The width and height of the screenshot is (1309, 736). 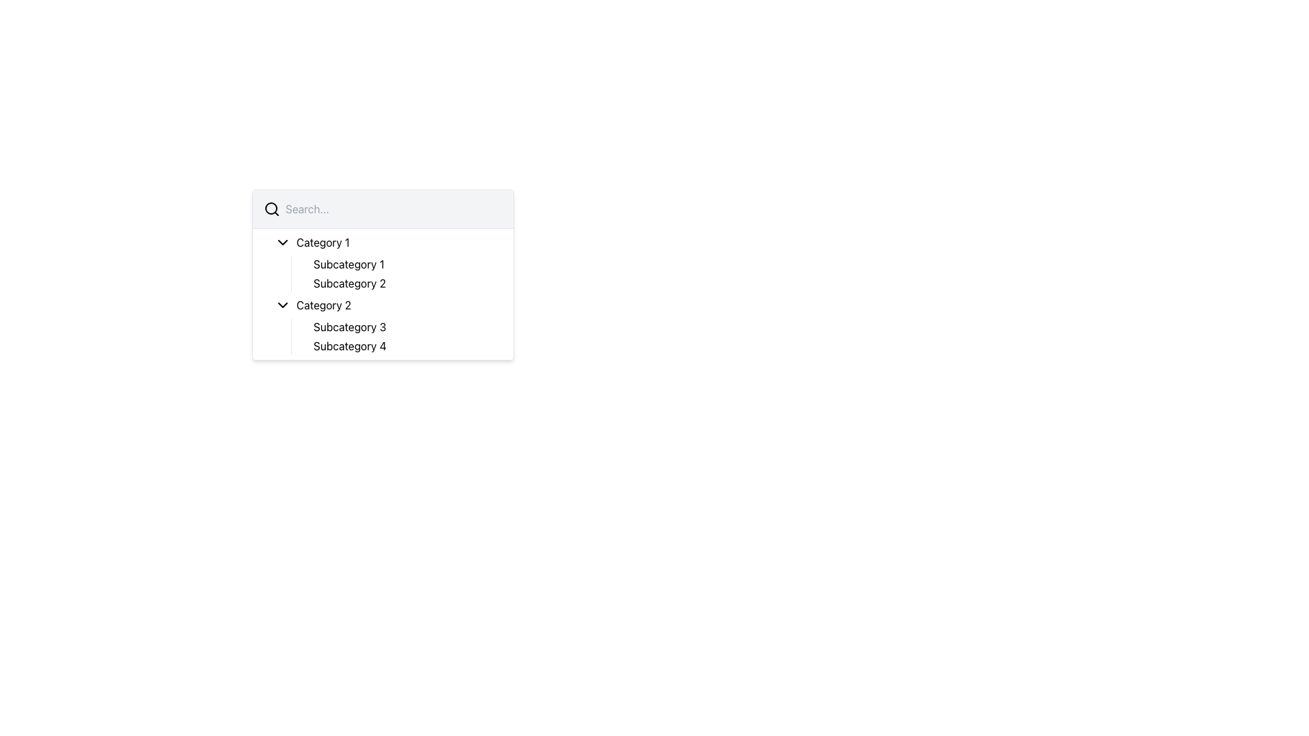 I want to click on the Text label representing the second subcategory under 'Subcategory 3' in the 'Category 2' expandable menu, so click(x=350, y=346).